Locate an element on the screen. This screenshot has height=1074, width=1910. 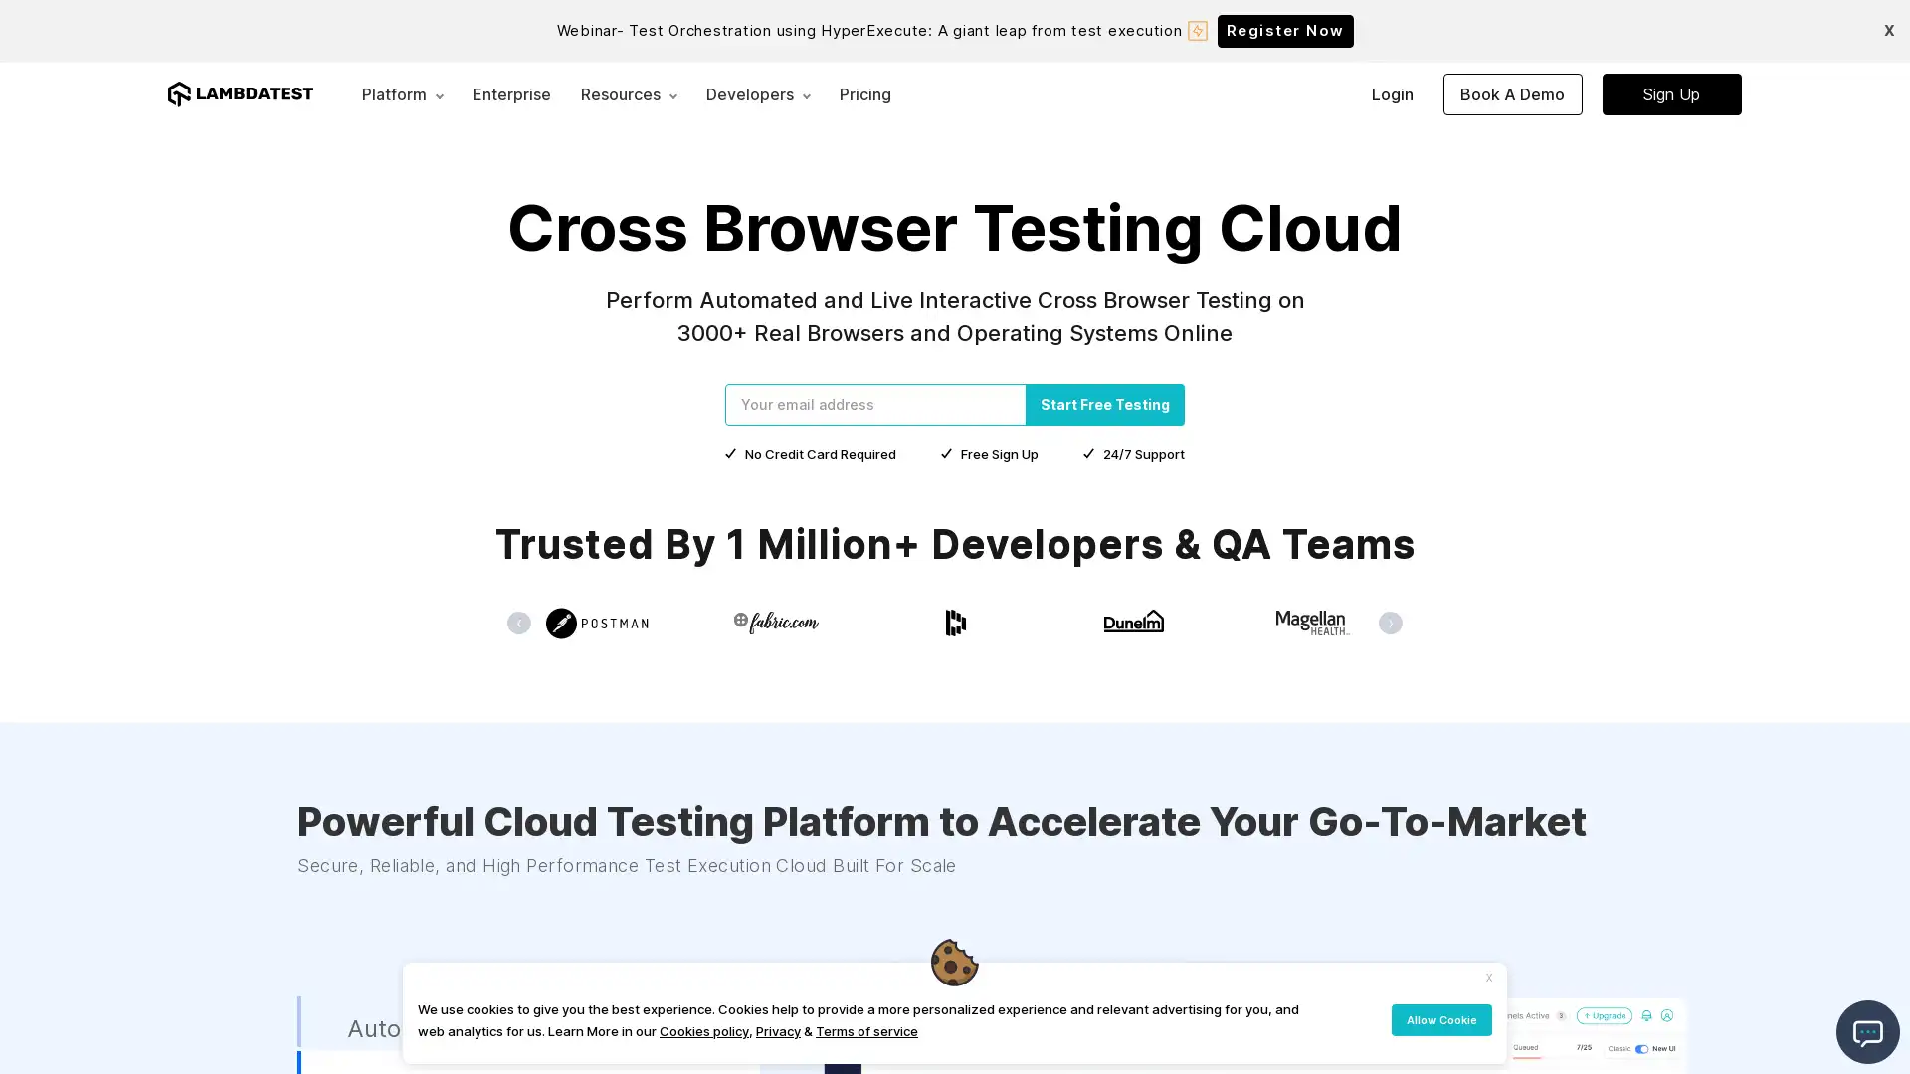
Developers is located at coordinates (757, 92).